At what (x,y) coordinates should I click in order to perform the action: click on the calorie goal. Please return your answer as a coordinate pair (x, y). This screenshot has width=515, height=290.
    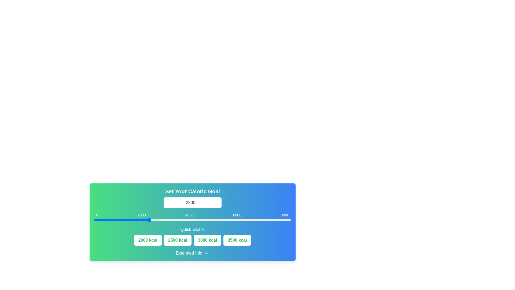
    Looking at the image, I should click on (178, 220).